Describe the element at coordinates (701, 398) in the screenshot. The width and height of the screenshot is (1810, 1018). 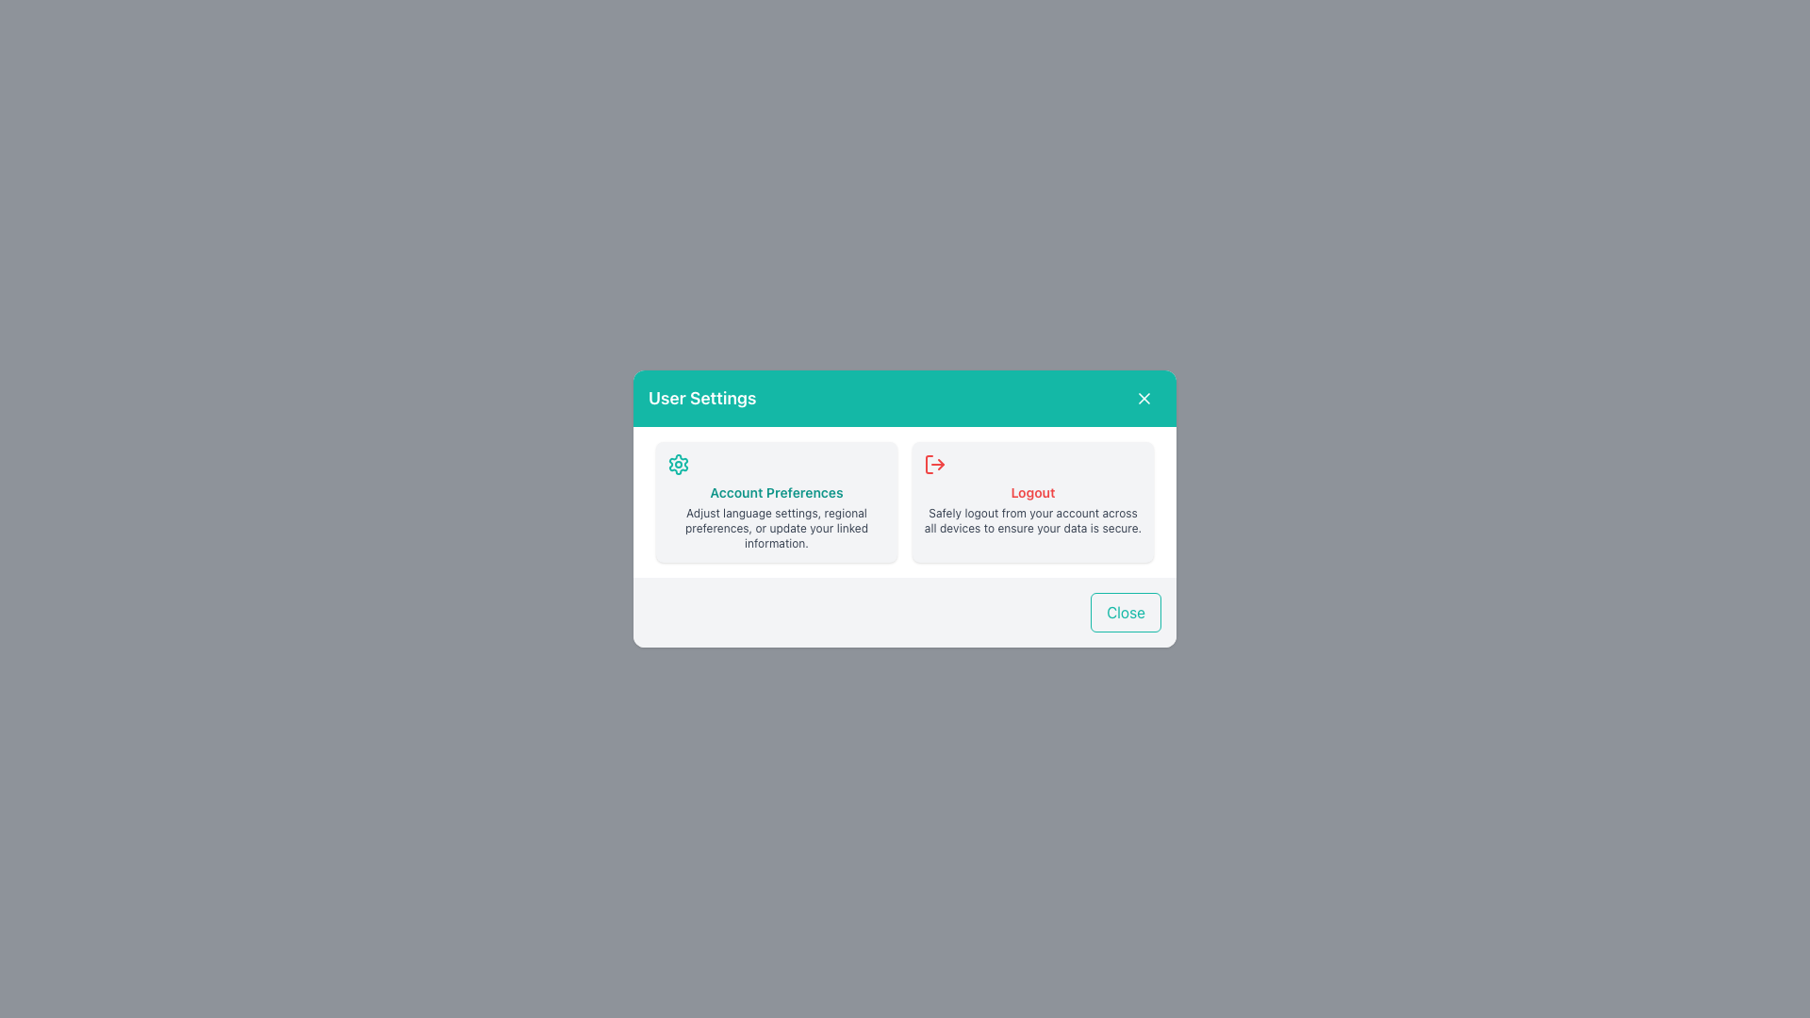
I see `the 'User Settings' text label displayed in bold font on the header bar with a teal background` at that location.